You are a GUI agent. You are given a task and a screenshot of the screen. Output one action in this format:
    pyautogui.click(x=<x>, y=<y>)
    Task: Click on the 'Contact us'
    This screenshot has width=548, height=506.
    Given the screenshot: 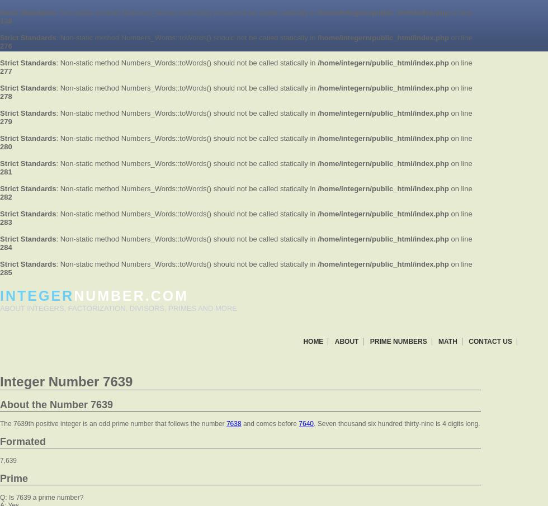 What is the action you would take?
    pyautogui.click(x=468, y=341)
    